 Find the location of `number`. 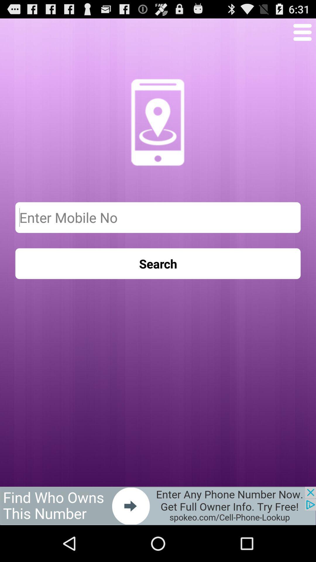

number is located at coordinates (158, 217).